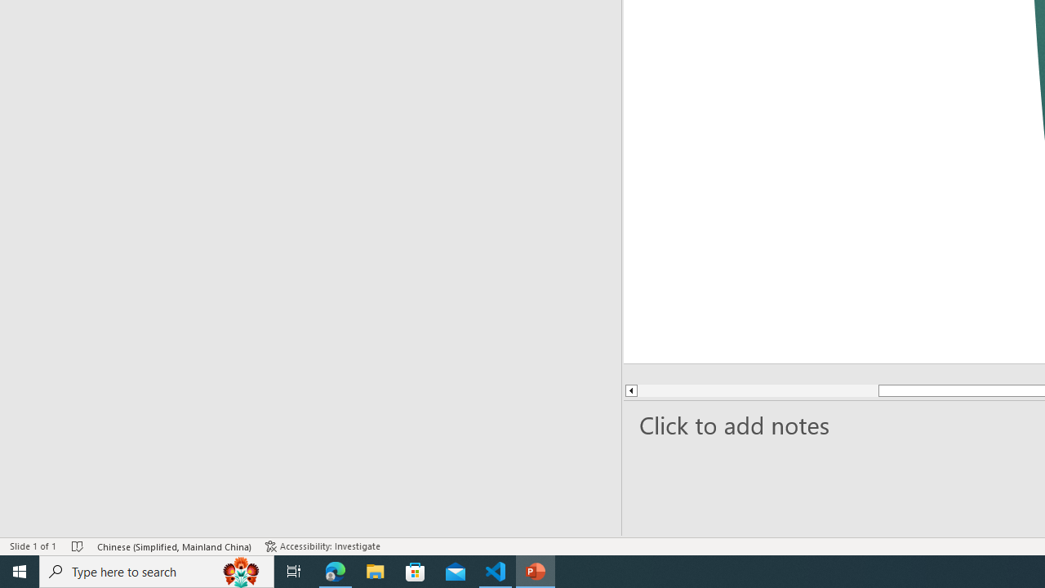 This screenshot has height=588, width=1045. I want to click on 'Spell Check No Errors', so click(78, 546).